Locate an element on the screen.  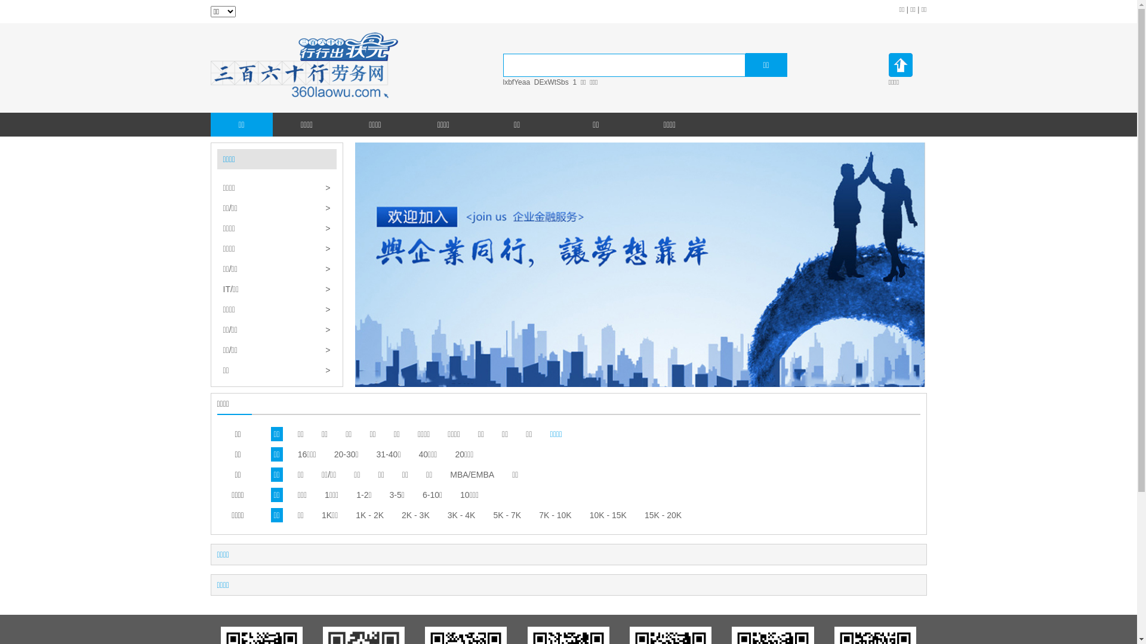
'5K - 7K' is located at coordinates (507, 515).